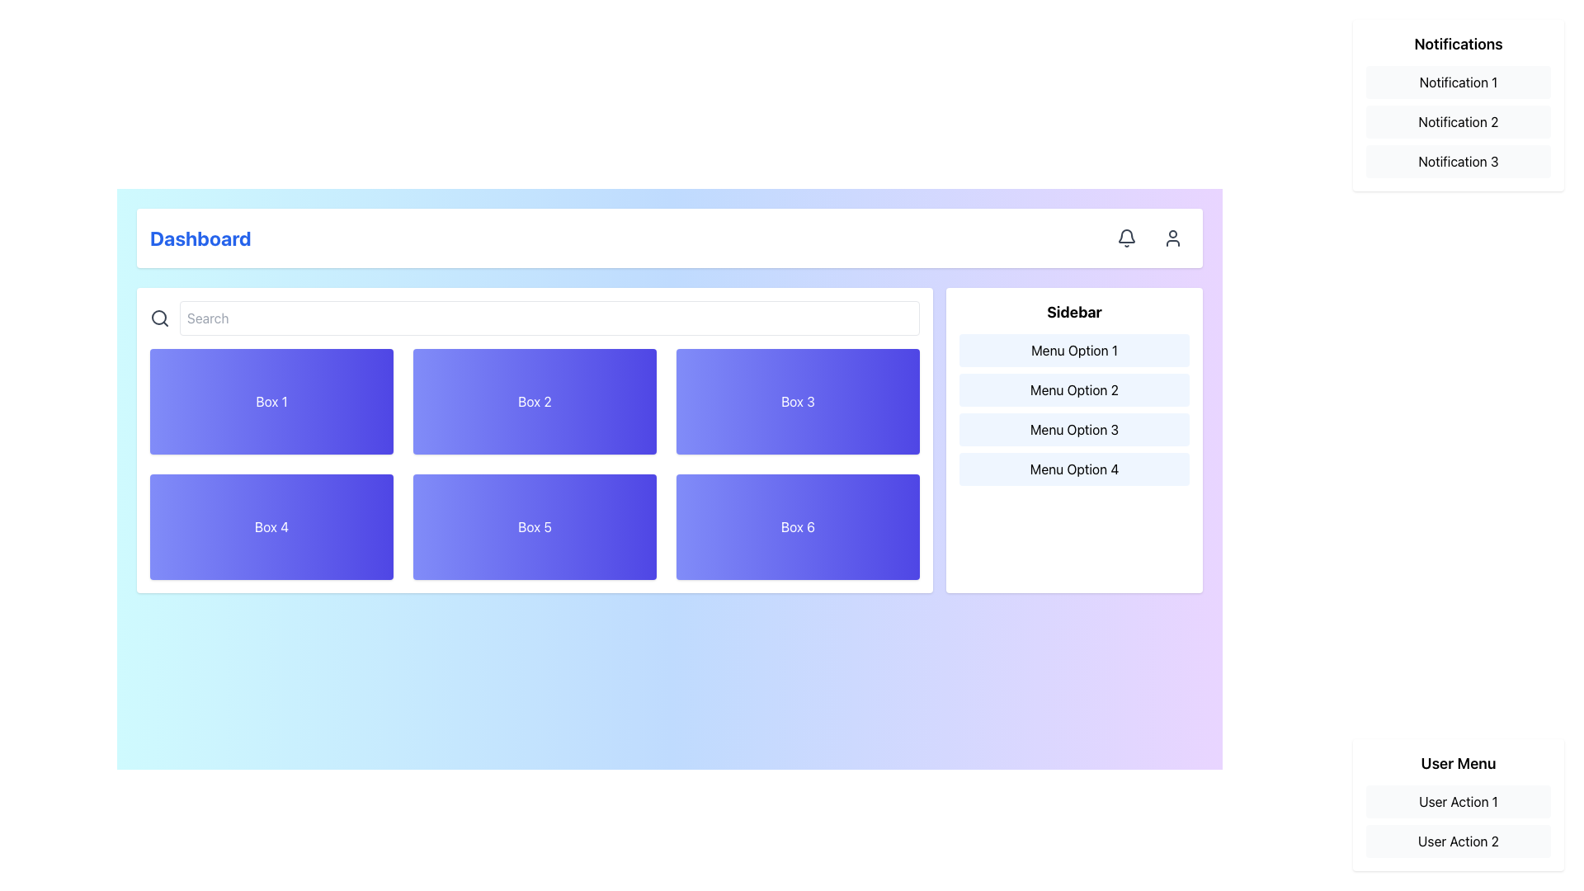  What do you see at coordinates (1458, 763) in the screenshot?
I see `the header text component displaying 'User Menu' which is located at the top of a white background panel in the bottom-right corner of the interface` at bounding box center [1458, 763].